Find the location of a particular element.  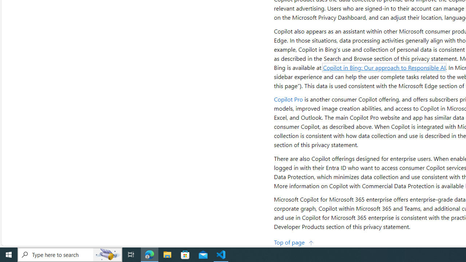

'Copilot in Bing: Our approach to Responsible AI' is located at coordinates (384, 67).